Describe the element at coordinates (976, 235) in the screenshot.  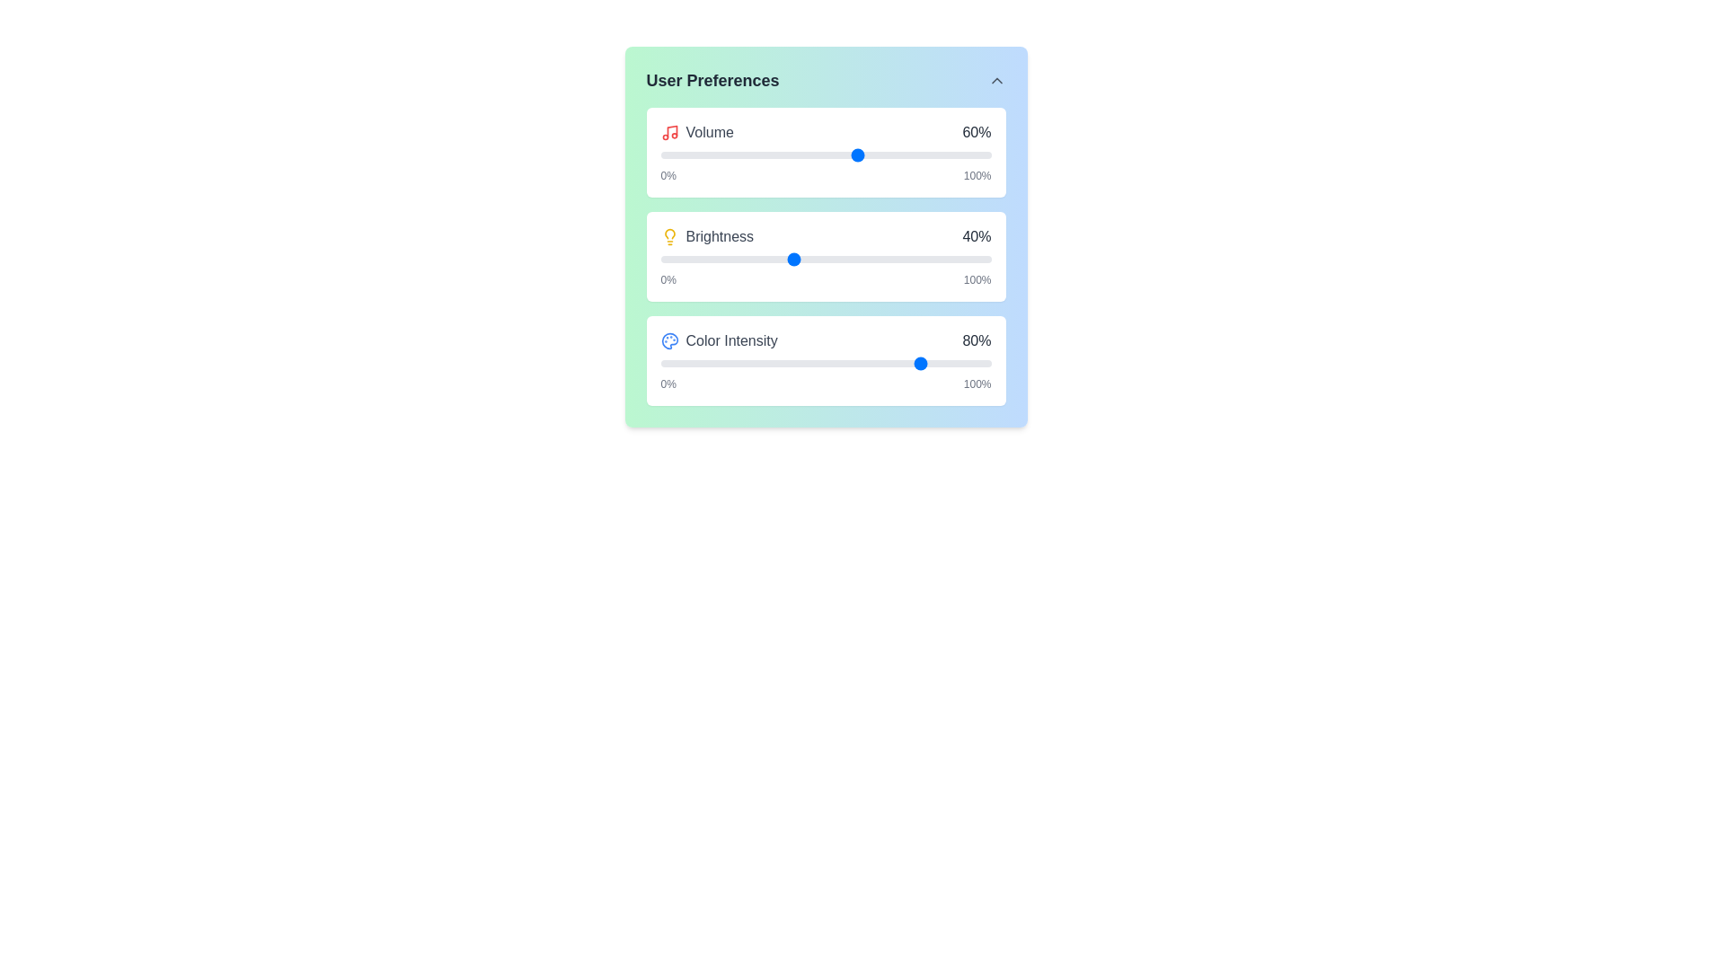
I see `the static text element displaying '40%' located on the right side of the 'Brightness' slider in the user preferences section` at that location.